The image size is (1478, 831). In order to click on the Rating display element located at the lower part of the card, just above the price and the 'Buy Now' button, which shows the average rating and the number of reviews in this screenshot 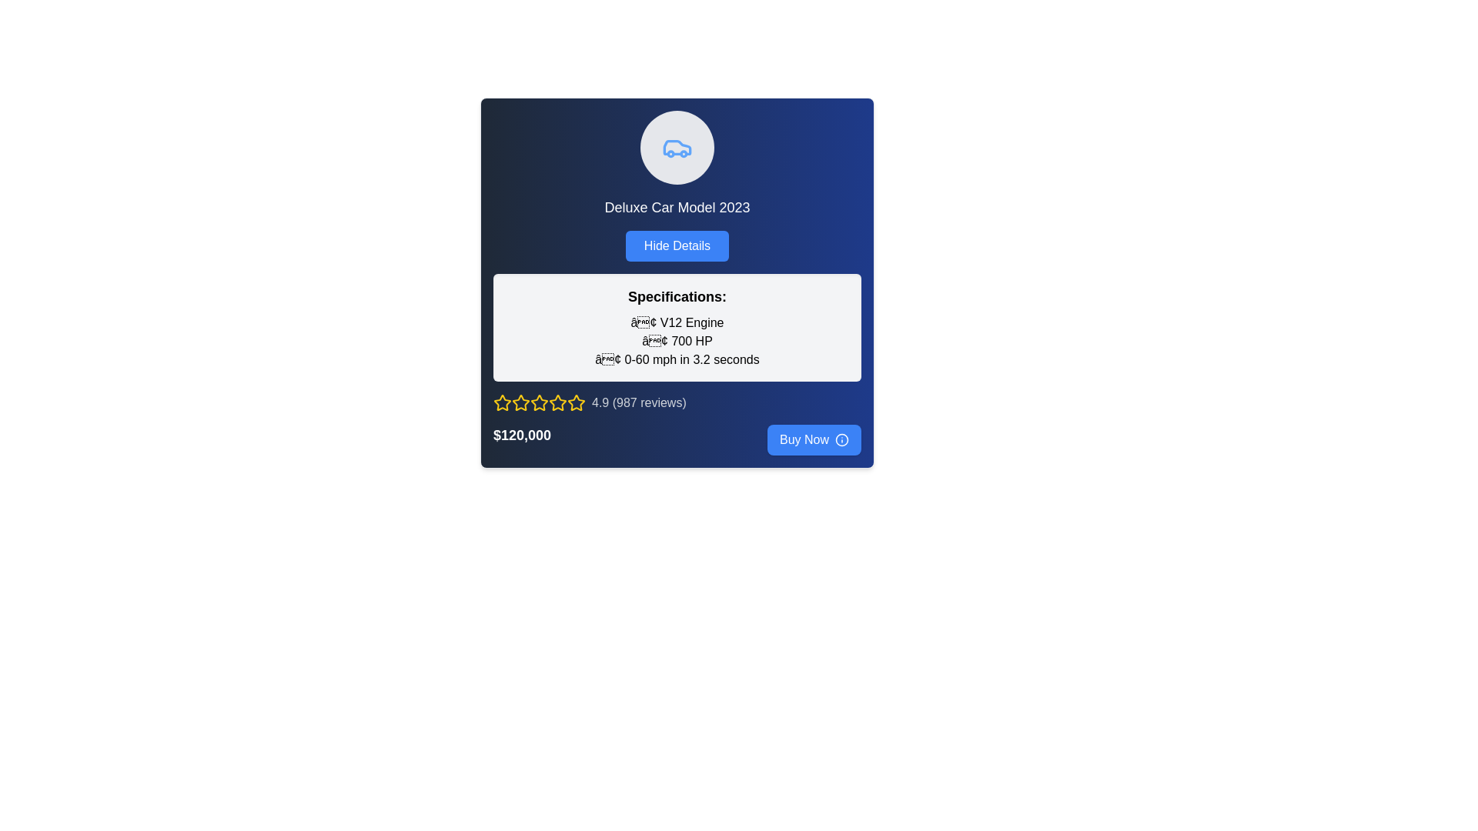, I will do `click(677, 402)`.